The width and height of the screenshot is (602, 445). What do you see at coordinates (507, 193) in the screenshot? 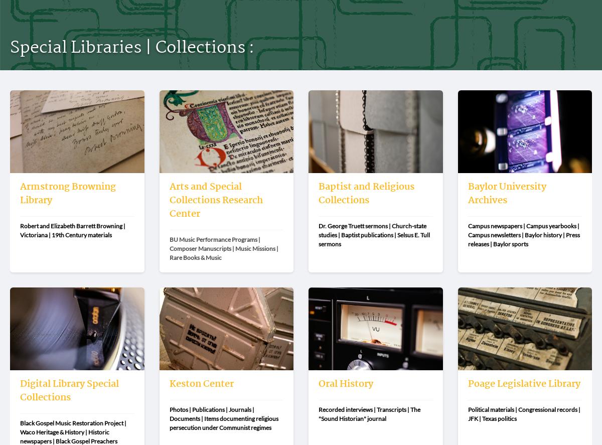
I see `'Baylor University Archives'` at bounding box center [507, 193].